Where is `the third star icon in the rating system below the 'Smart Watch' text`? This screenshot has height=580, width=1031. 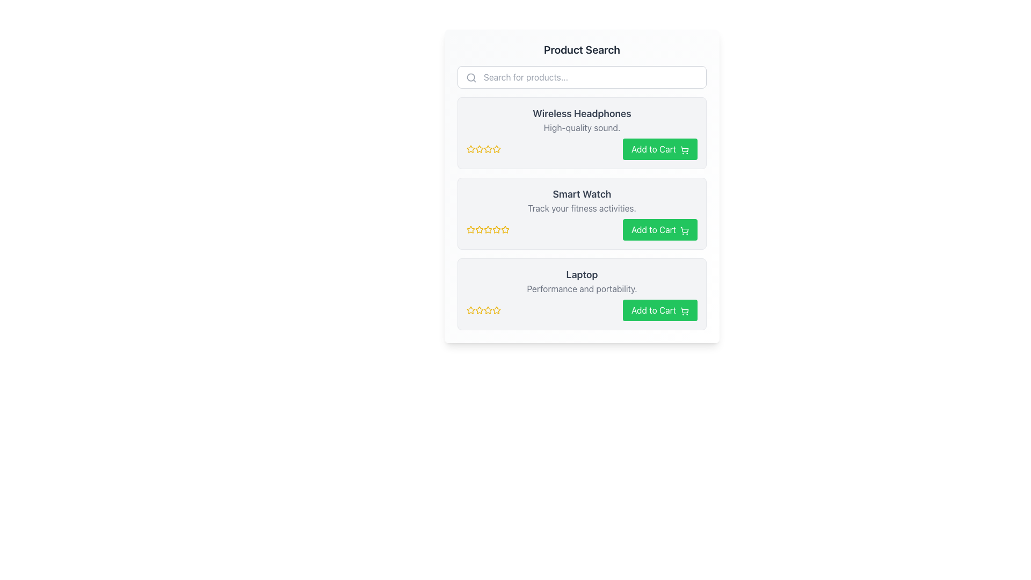 the third star icon in the rating system below the 'Smart Watch' text is located at coordinates (504, 229).